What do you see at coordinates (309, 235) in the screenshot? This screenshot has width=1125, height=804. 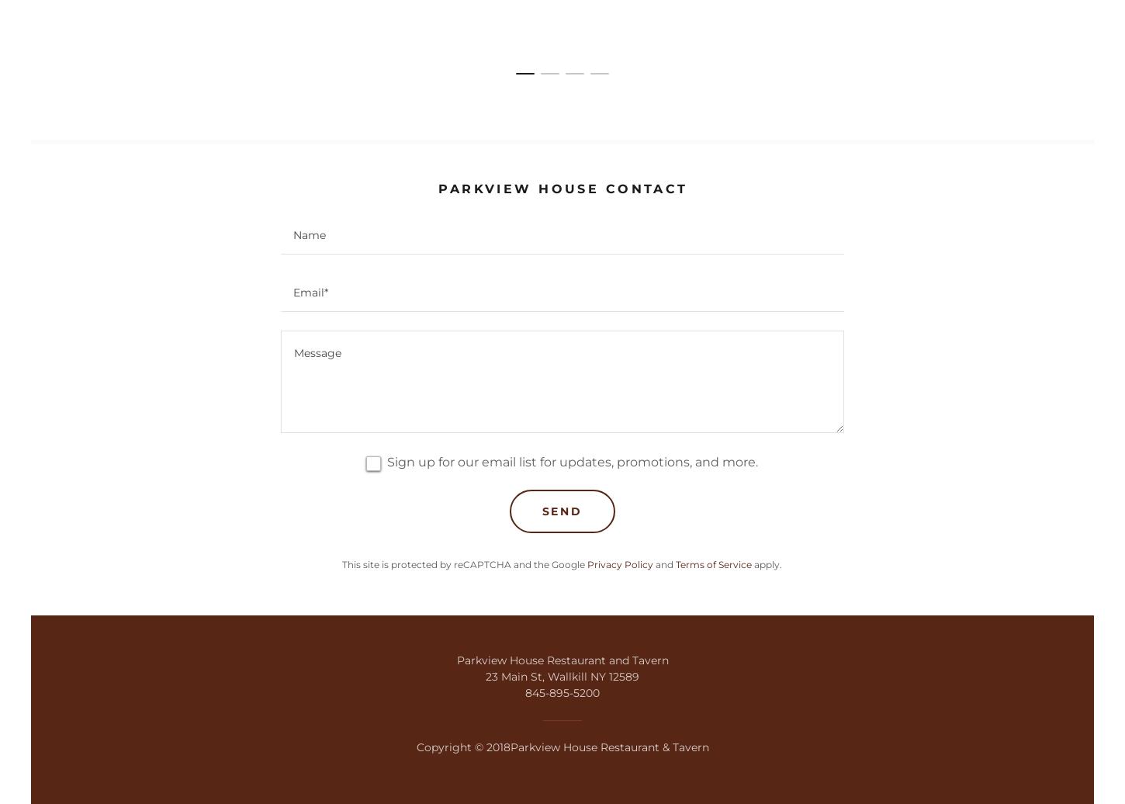 I see `'Name'` at bounding box center [309, 235].